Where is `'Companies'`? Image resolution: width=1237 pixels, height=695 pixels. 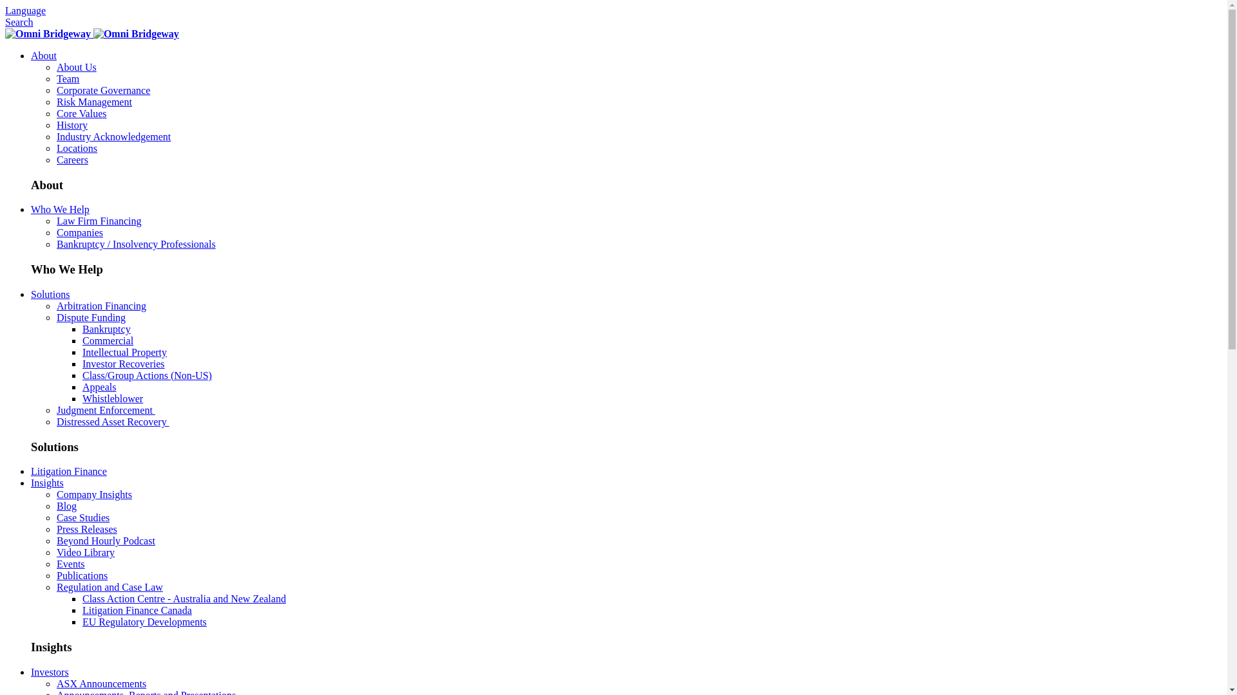 'Companies' is located at coordinates (79, 232).